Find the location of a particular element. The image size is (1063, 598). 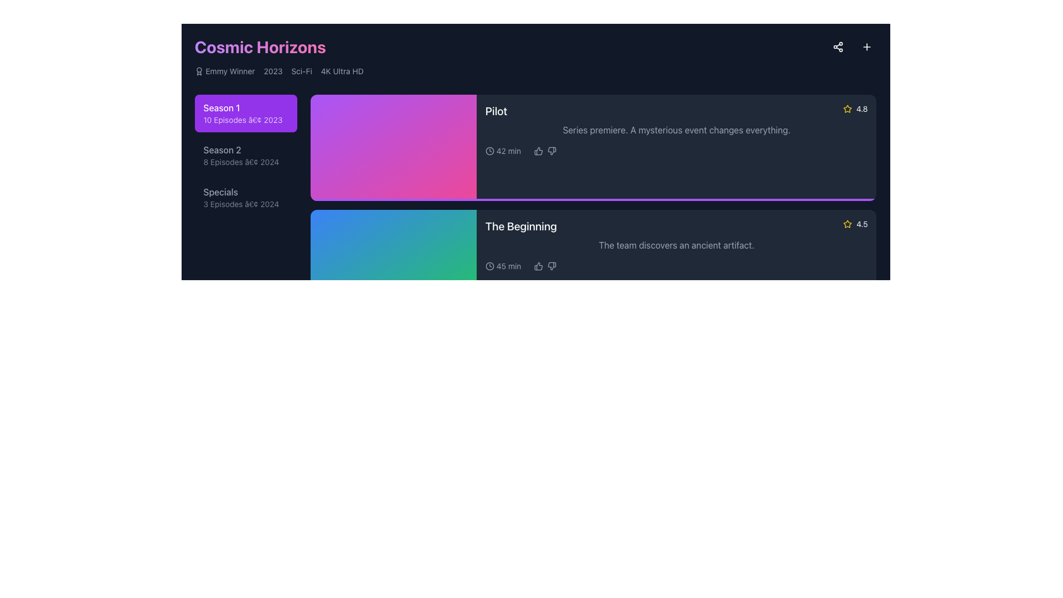

the static text display element showing the rating '4.8', which is located adjacent to a yellow star icon in the top-right corner of a card is located at coordinates (861, 109).